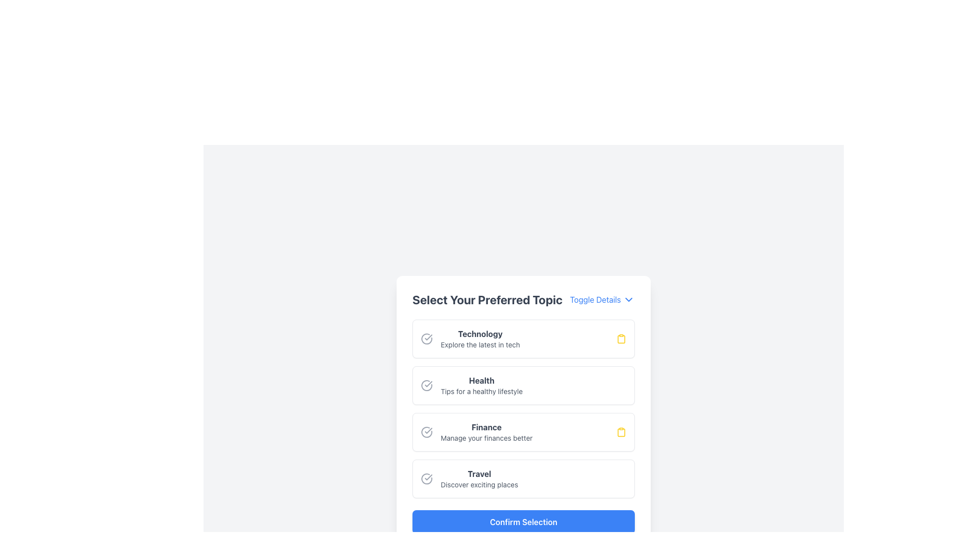 The height and width of the screenshot is (536, 953). Describe the element at coordinates (470, 338) in the screenshot. I see `the first selectable option in the list labeled 'Technology' under the header 'Select Your Preferred Topic'` at that location.